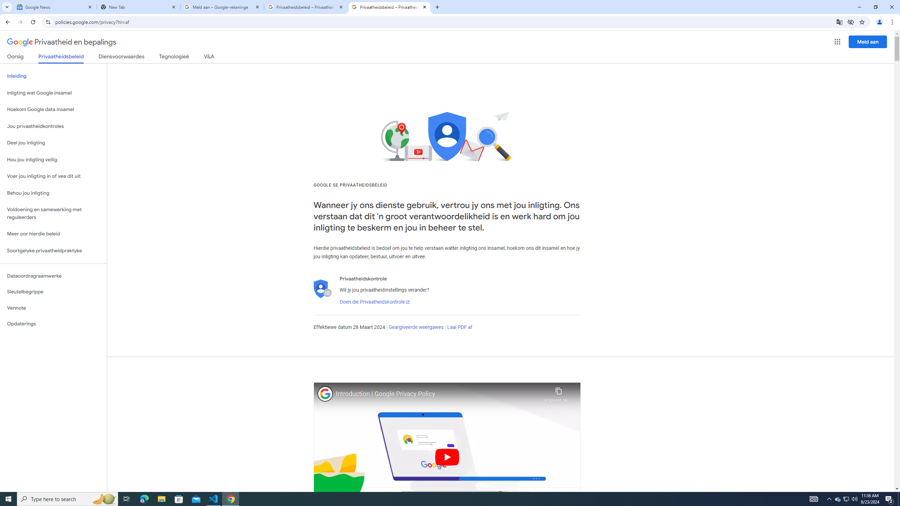 The image size is (900, 506). I want to click on 'Behou jou inligting', so click(53, 193).